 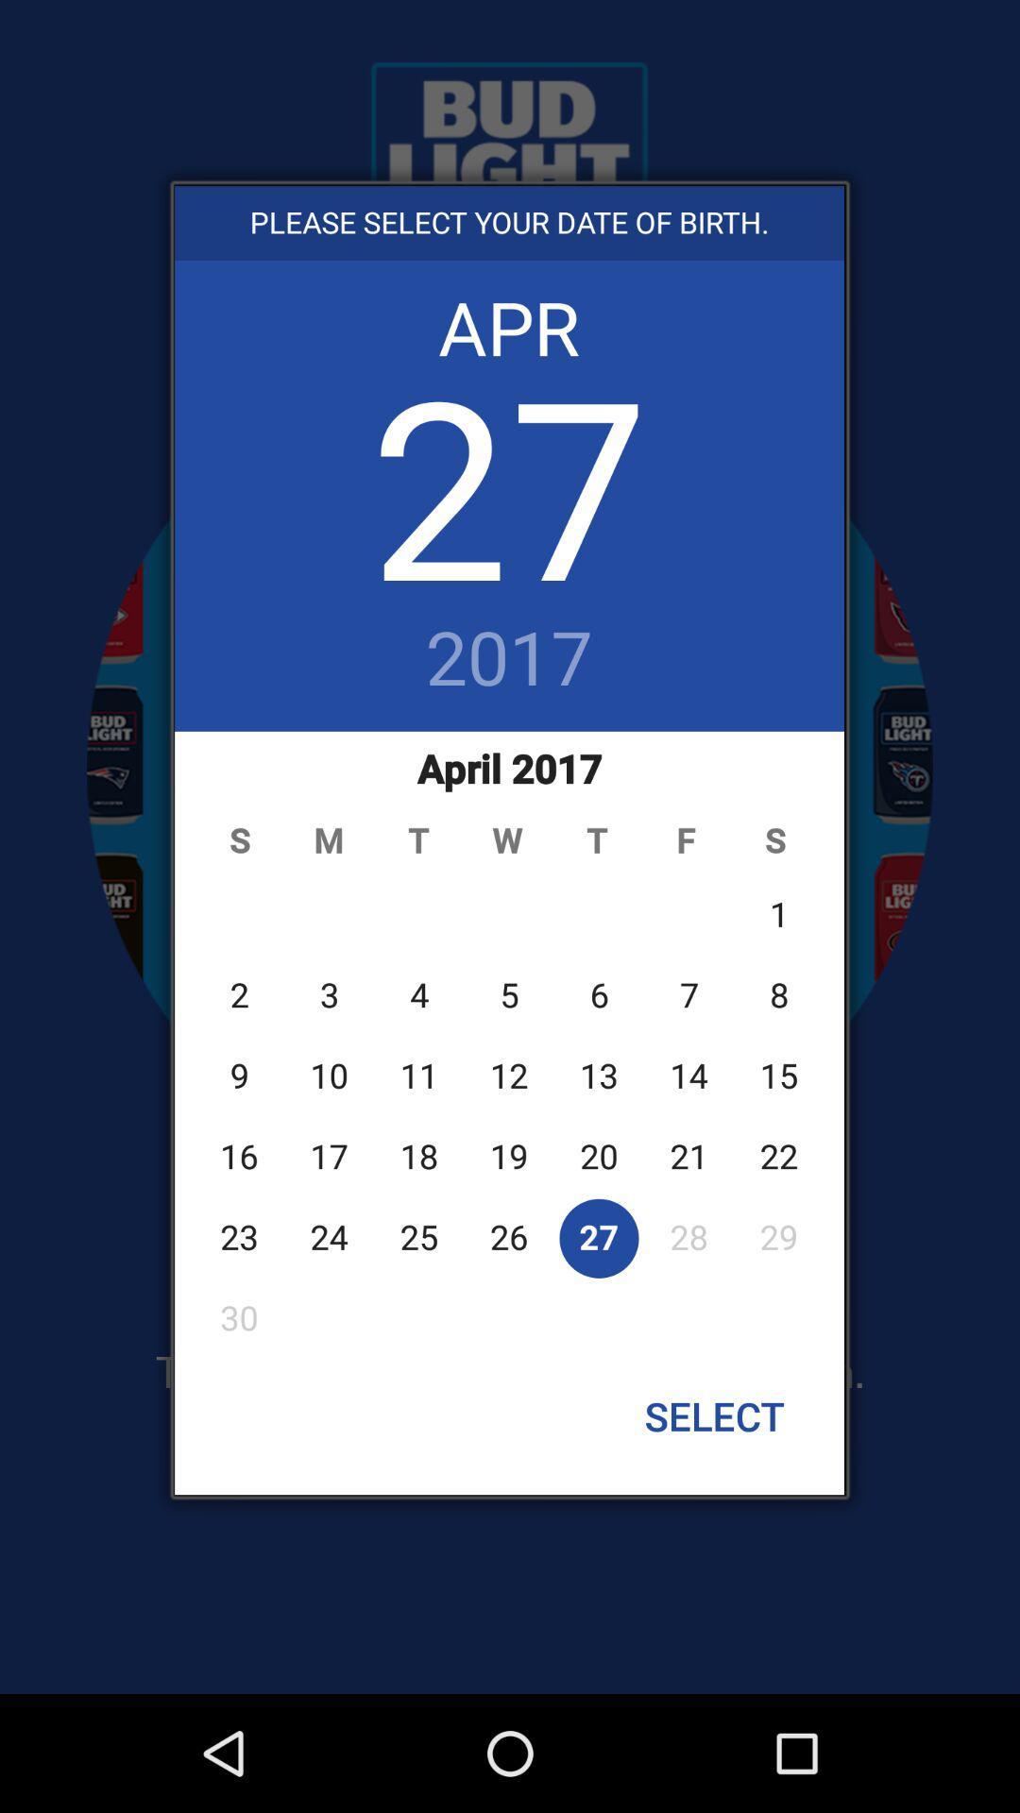 What do you see at coordinates (508, 660) in the screenshot?
I see `app below 27 item` at bounding box center [508, 660].